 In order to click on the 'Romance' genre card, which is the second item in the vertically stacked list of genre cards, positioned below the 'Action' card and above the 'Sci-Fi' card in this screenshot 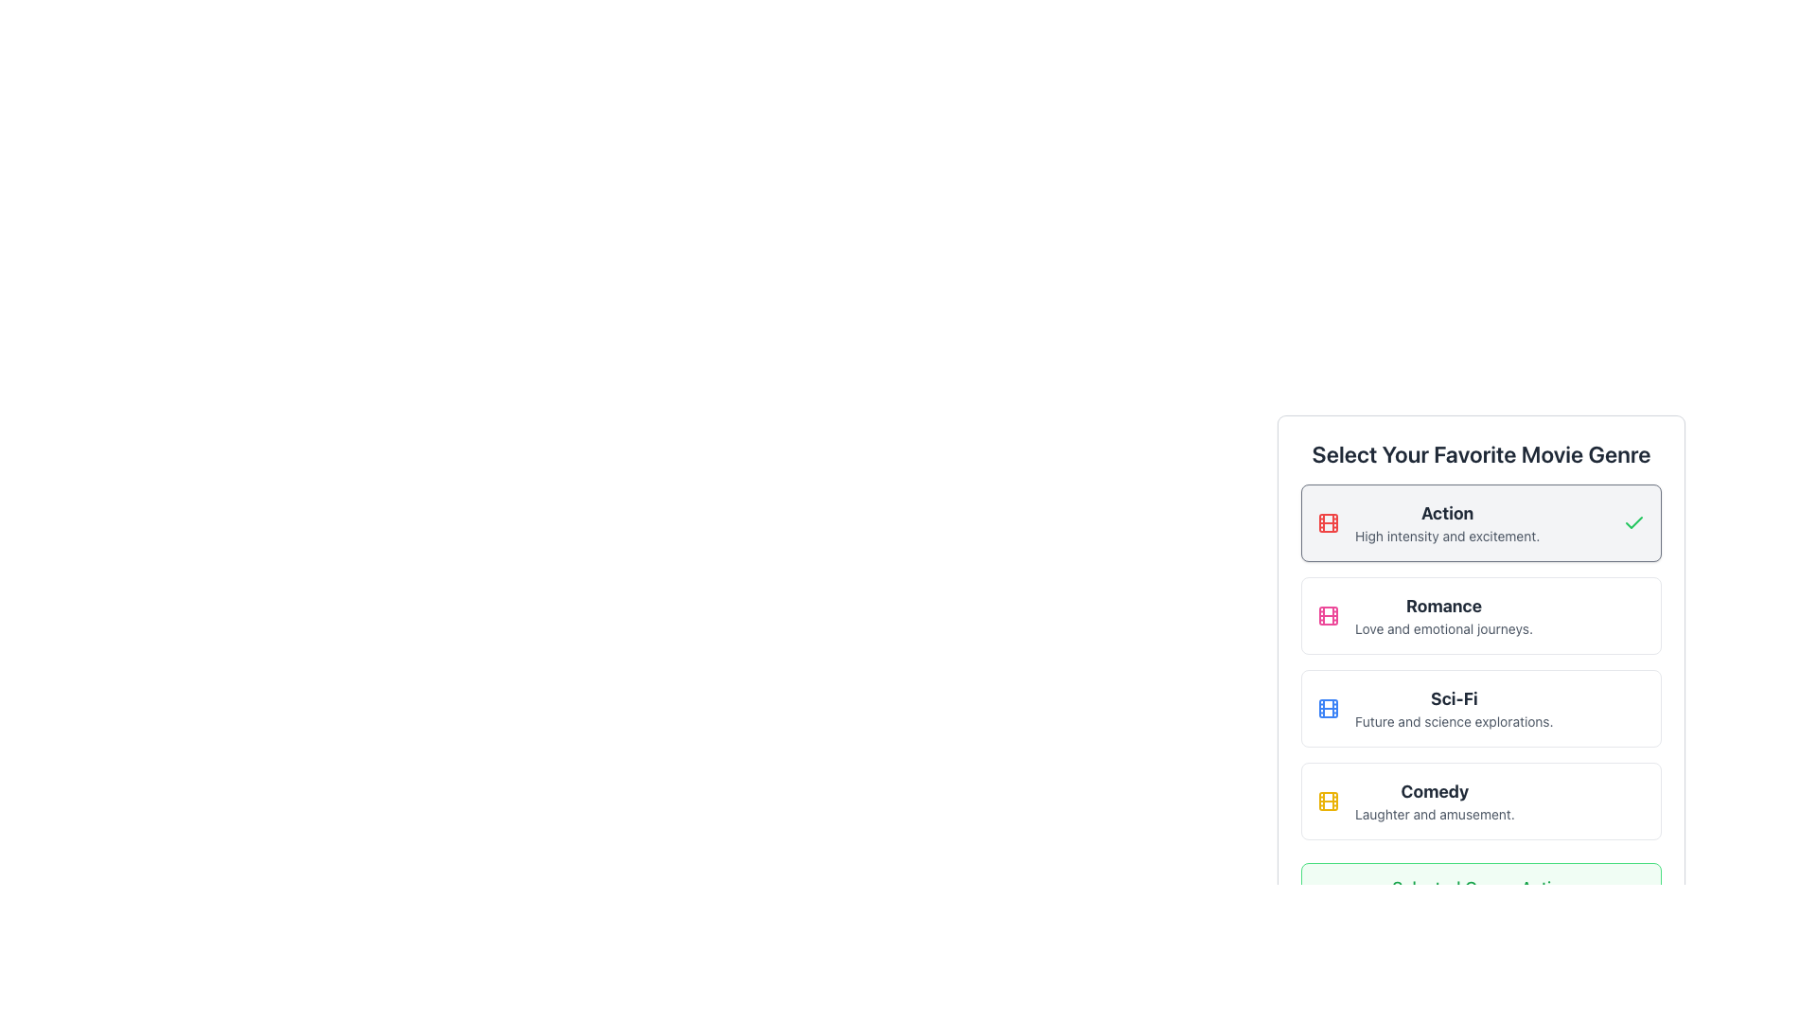, I will do `click(1480, 616)`.